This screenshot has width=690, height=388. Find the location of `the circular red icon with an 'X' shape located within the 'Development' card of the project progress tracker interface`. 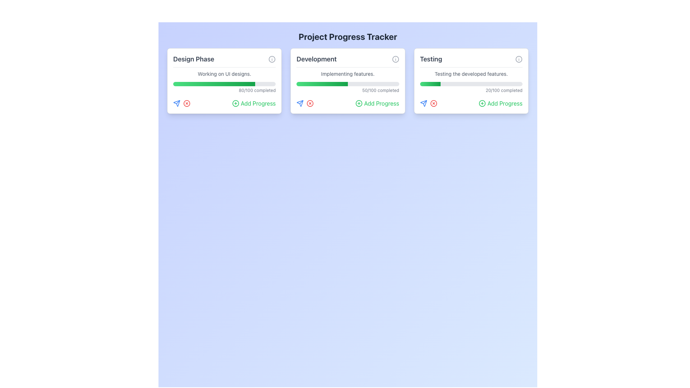

the circular red icon with an 'X' shape located within the 'Development' card of the project progress tracker interface is located at coordinates (310, 103).